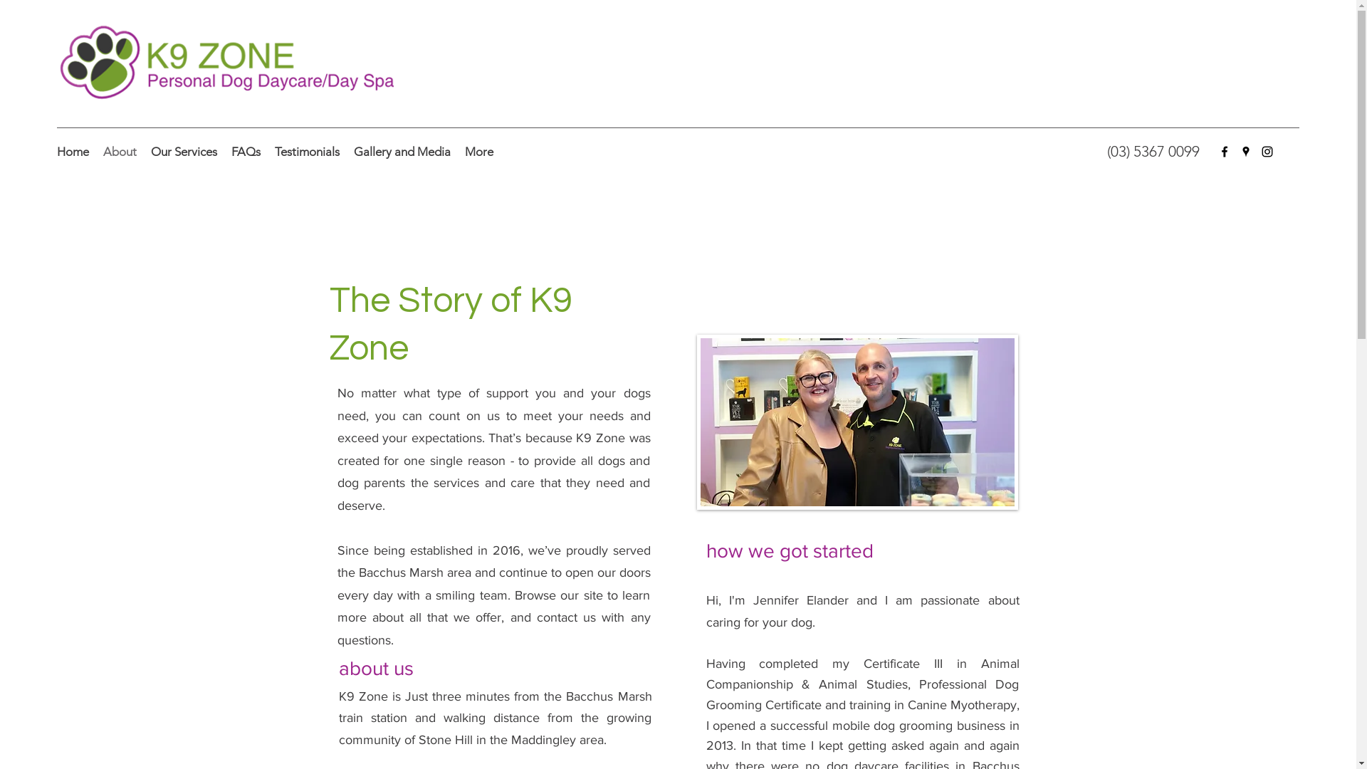  What do you see at coordinates (346, 151) in the screenshot?
I see `'Gallery and Media'` at bounding box center [346, 151].